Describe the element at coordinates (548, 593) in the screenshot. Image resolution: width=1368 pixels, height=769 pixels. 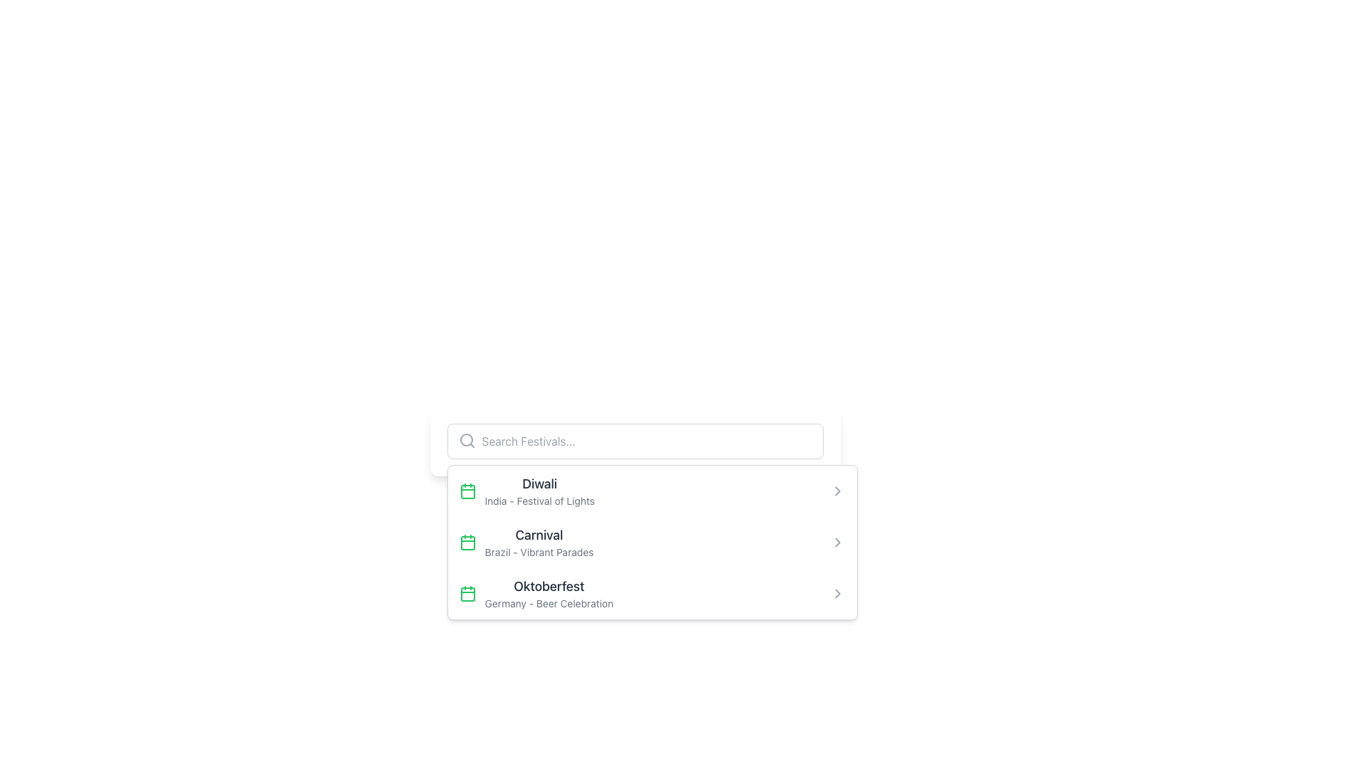
I see `the list item for 'Oktoberfest - Germany - Beer Celebration' located in the third row of the vertical list within the pop-up menu` at that location.